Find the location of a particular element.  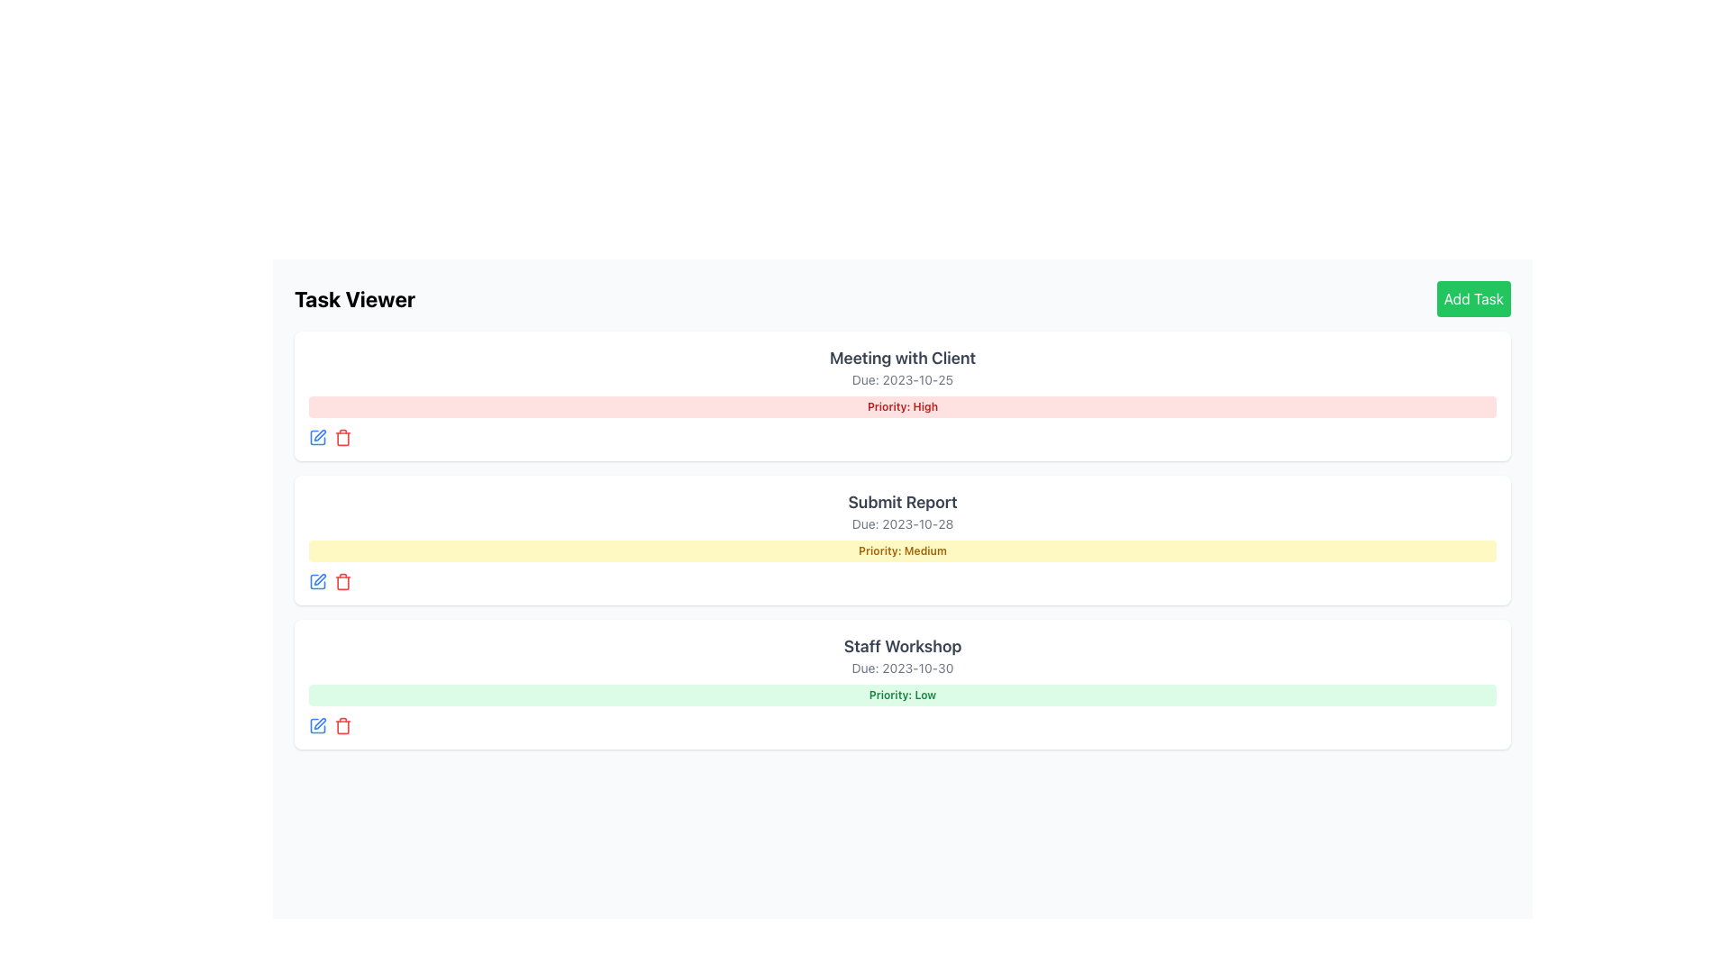

the editing action button icon, which is a pen-like icon contained within a square frame, located to the left of the 'Submit Report' task's priority indicator is located at coordinates (320, 579).